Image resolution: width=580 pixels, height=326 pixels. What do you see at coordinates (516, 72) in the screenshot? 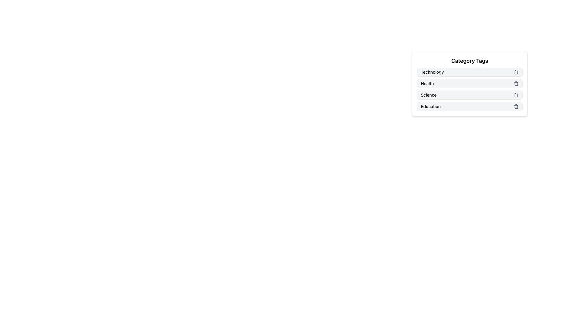
I see `the trash can icon, which serves as the delete button for the 'Technology' tag` at bounding box center [516, 72].